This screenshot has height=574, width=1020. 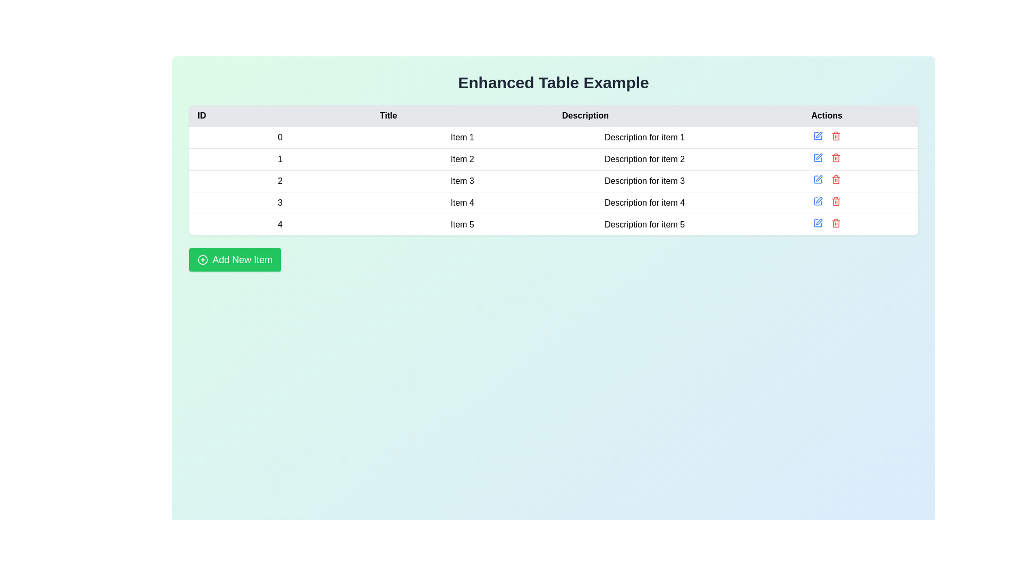 What do you see at coordinates (835, 202) in the screenshot?
I see `the vertical body segment of the SVG trash can icon in the 'Actions' column for 'Item 4.'` at bounding box center [835, 202].